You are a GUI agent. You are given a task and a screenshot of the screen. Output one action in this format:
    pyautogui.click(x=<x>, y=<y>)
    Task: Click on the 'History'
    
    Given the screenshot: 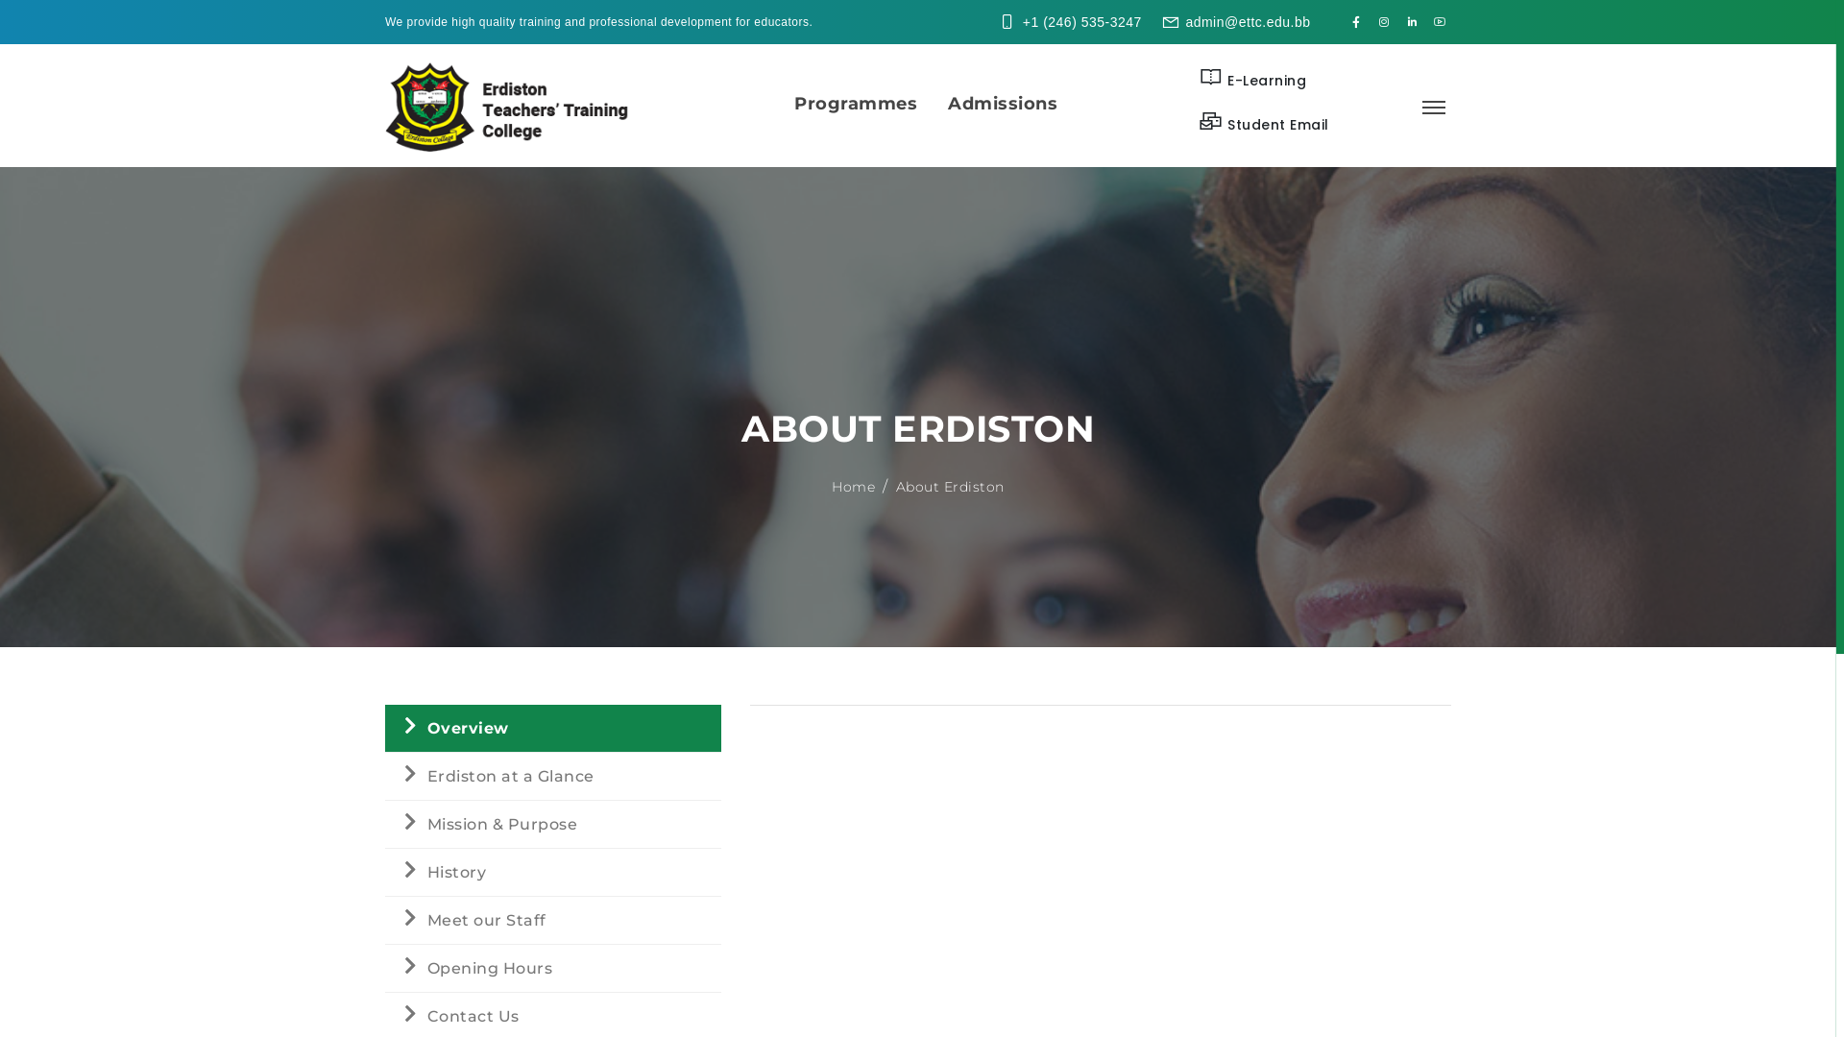 What is the action you would take?
    pyautogui.click(x=552, y=873)
    